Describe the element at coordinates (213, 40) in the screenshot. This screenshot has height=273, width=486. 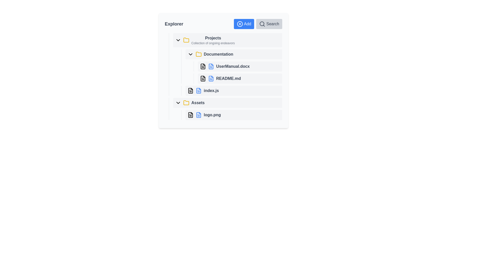
I see `the 'Projects' Text Label in the file explorer panel` at that location.